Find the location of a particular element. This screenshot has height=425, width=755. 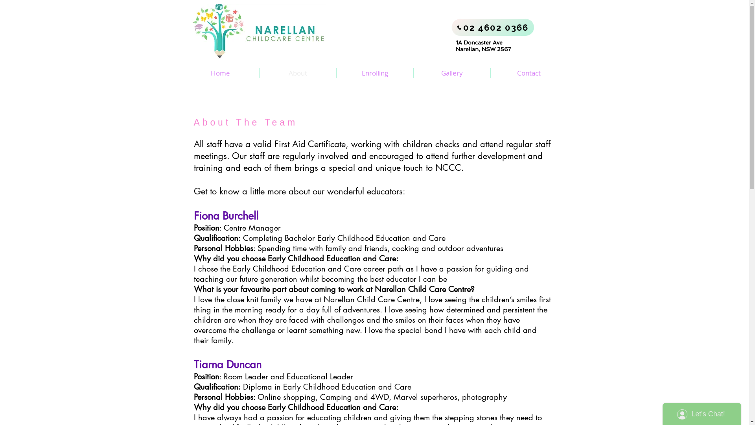

'02 4602 0366' is located at coordinates (492, 27).